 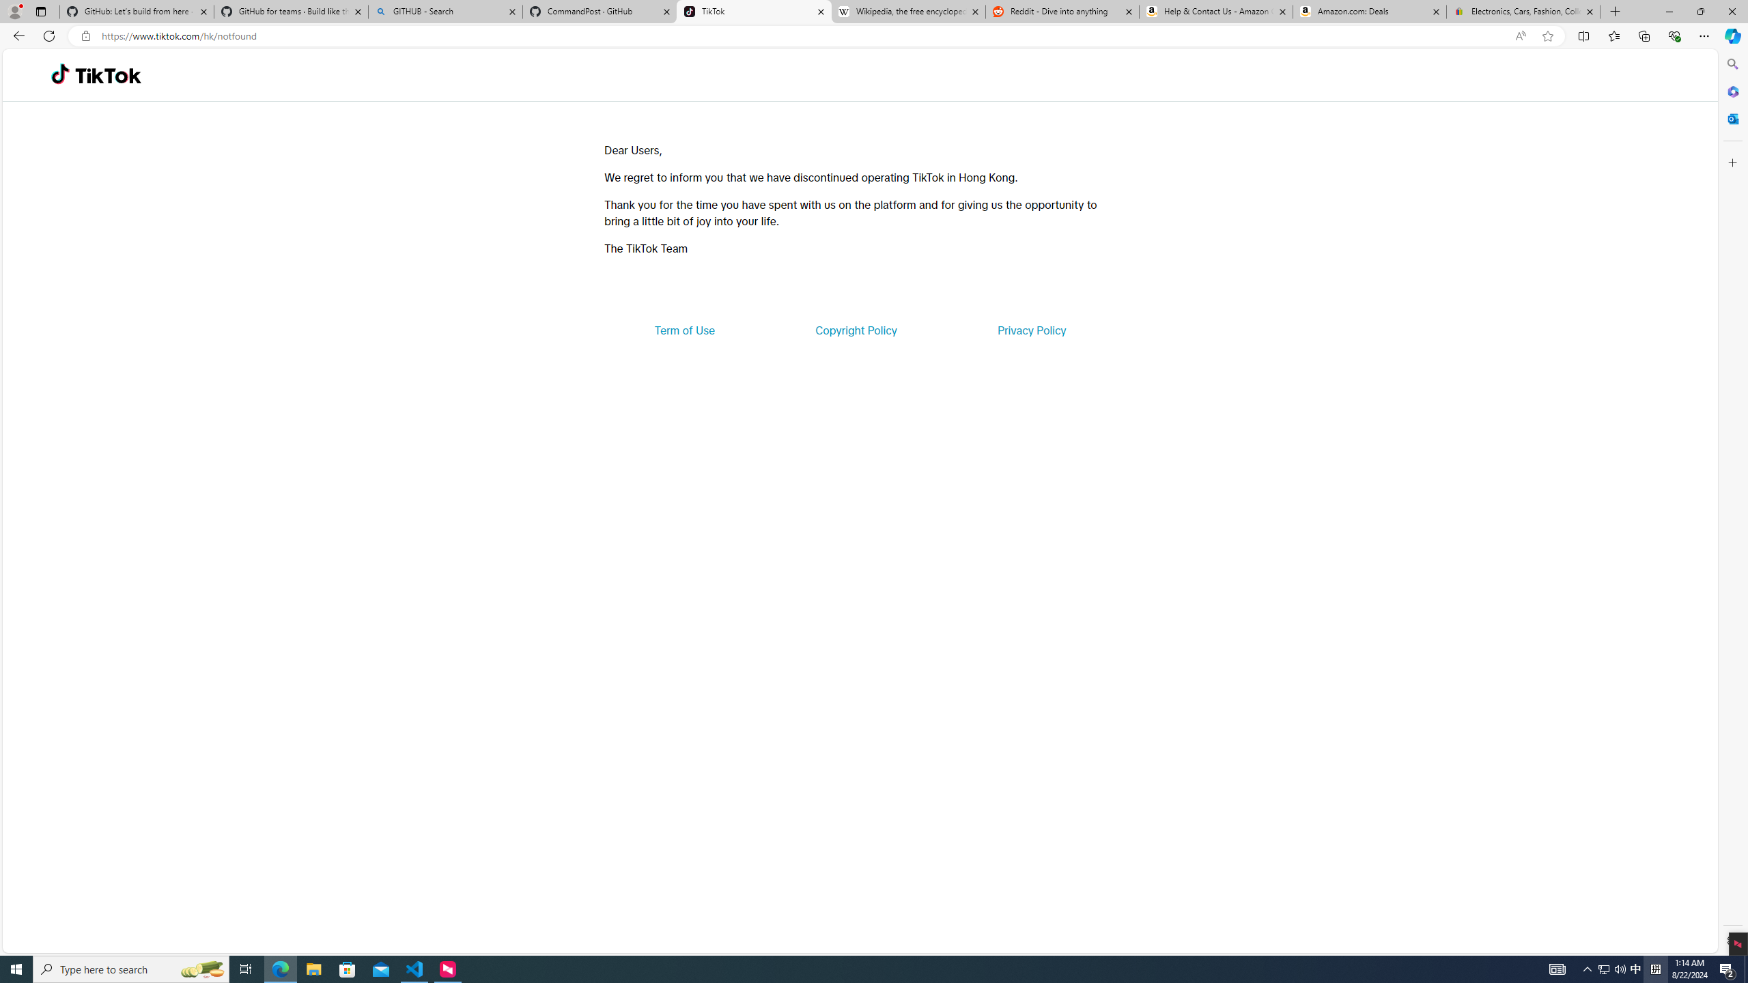 I want to click on 'Privacy Policy', so click(x=1030, y=329).